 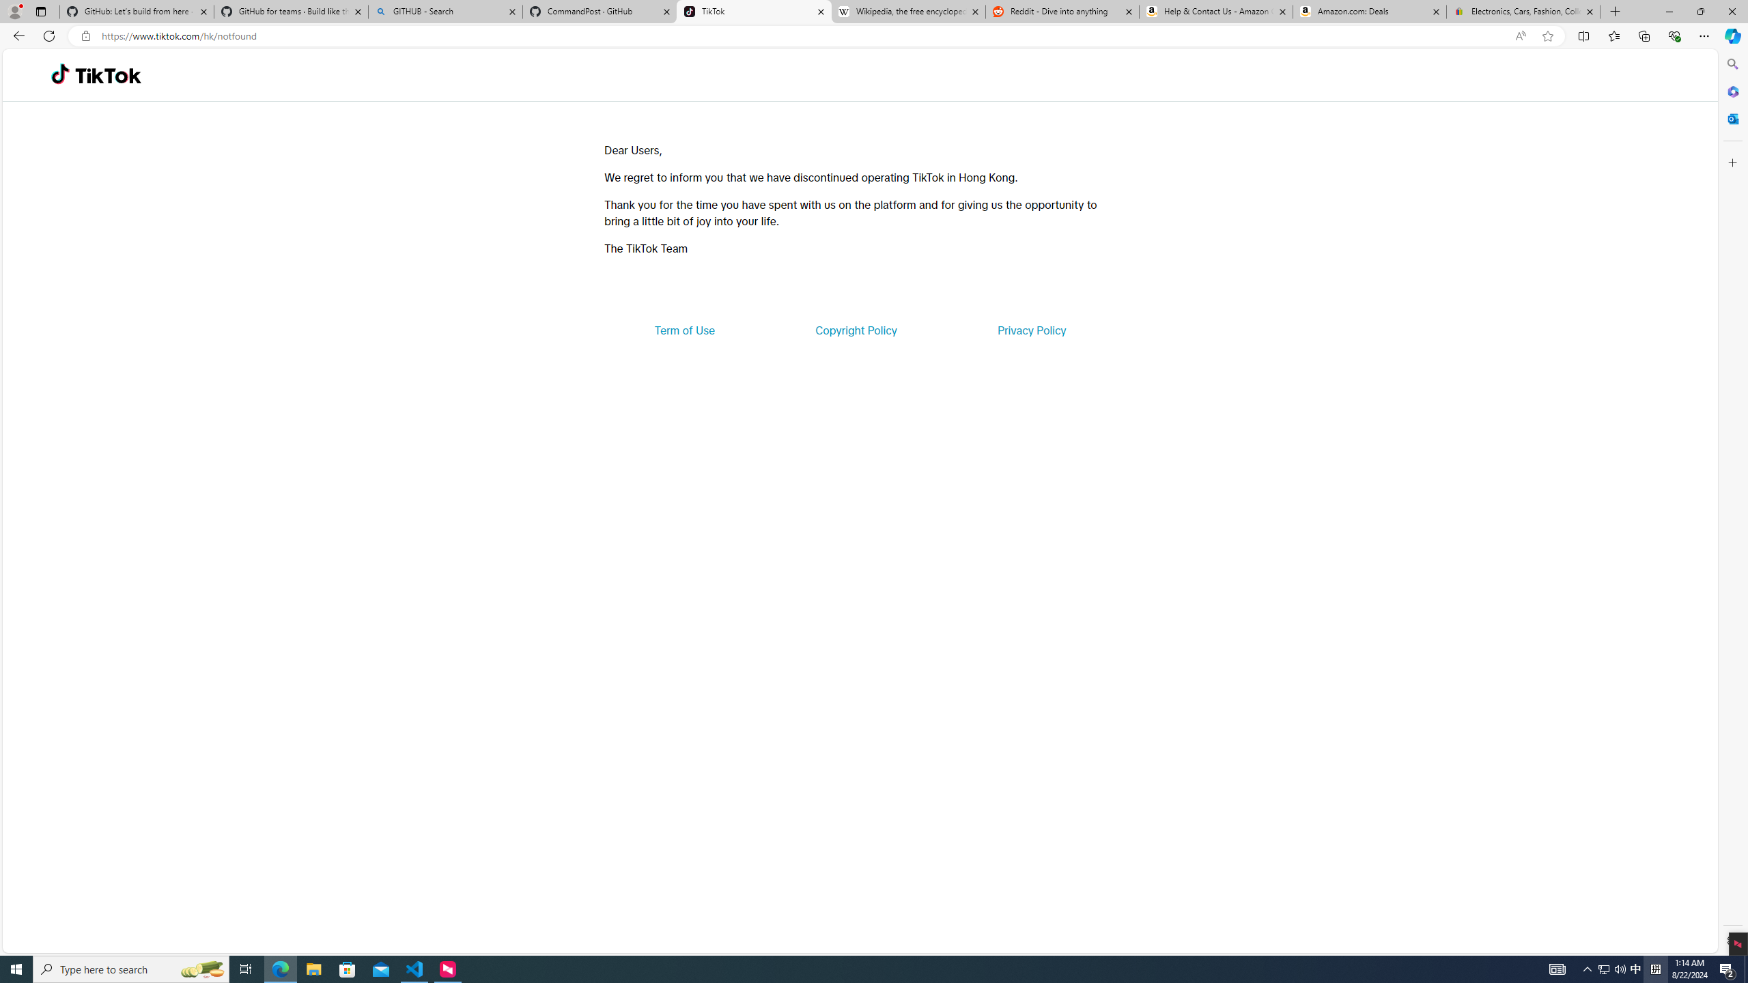 I want to click on 'Privacy Policy', so click(x=1030, y=329).